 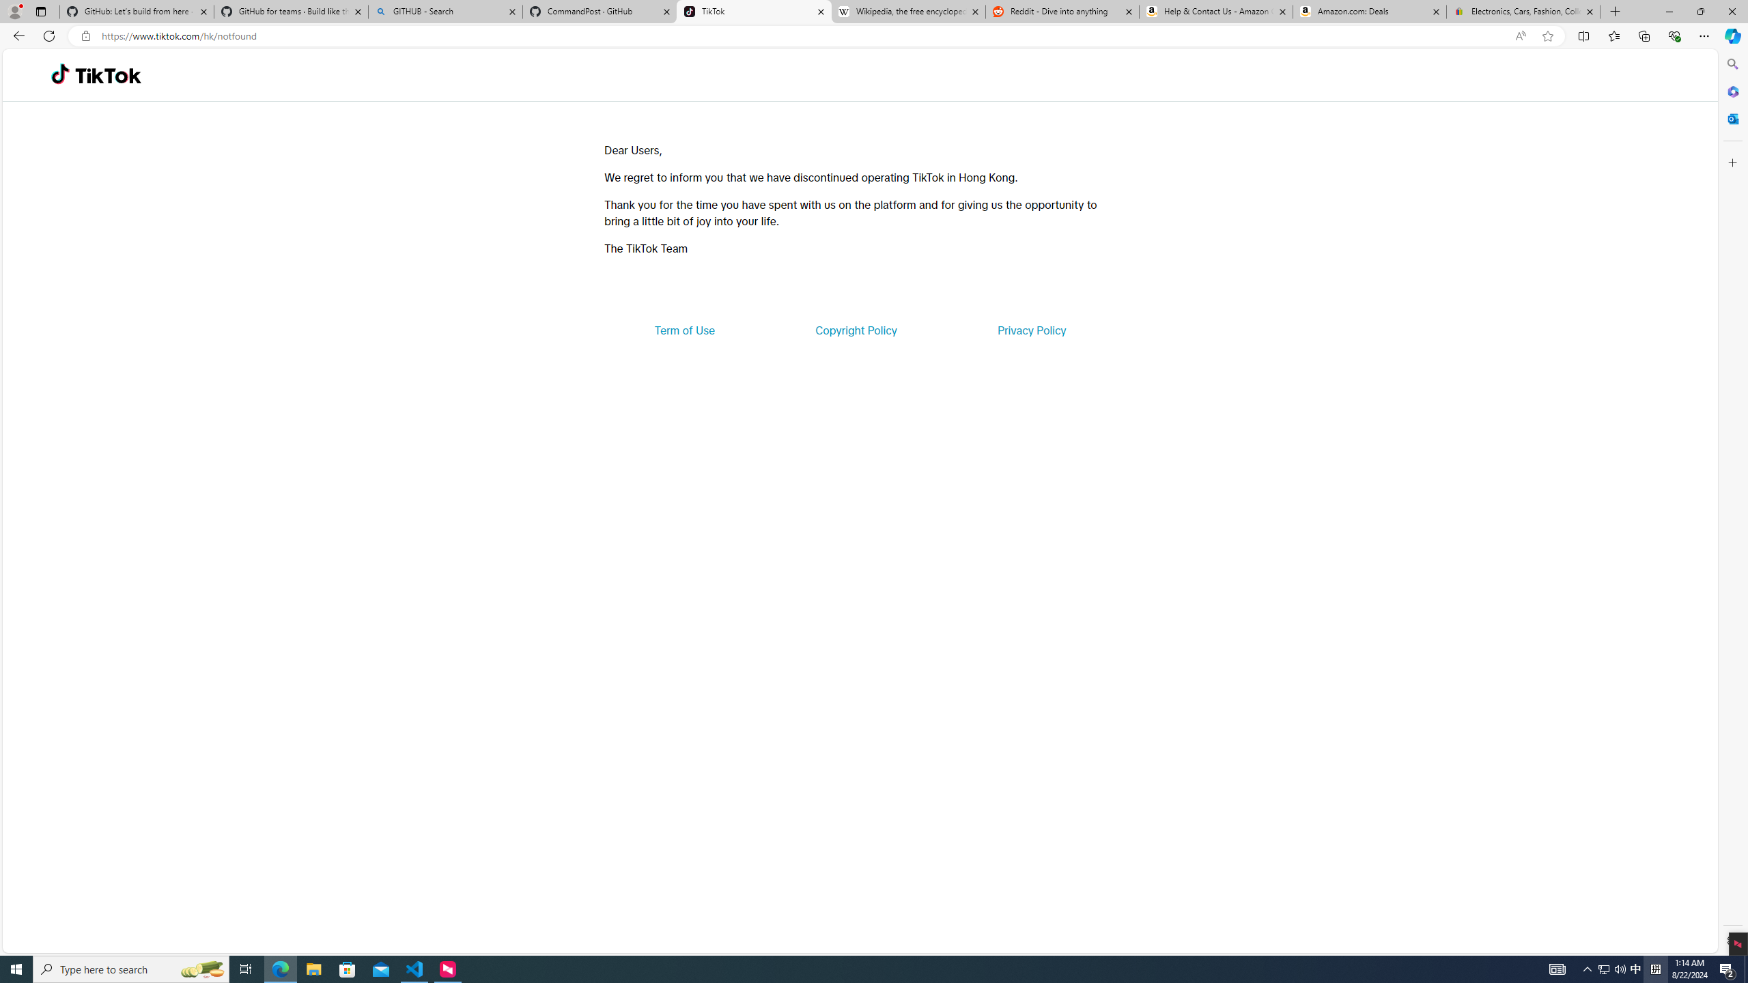 I want to click on 'Privacy Policy', so click(x=1030, y=329).